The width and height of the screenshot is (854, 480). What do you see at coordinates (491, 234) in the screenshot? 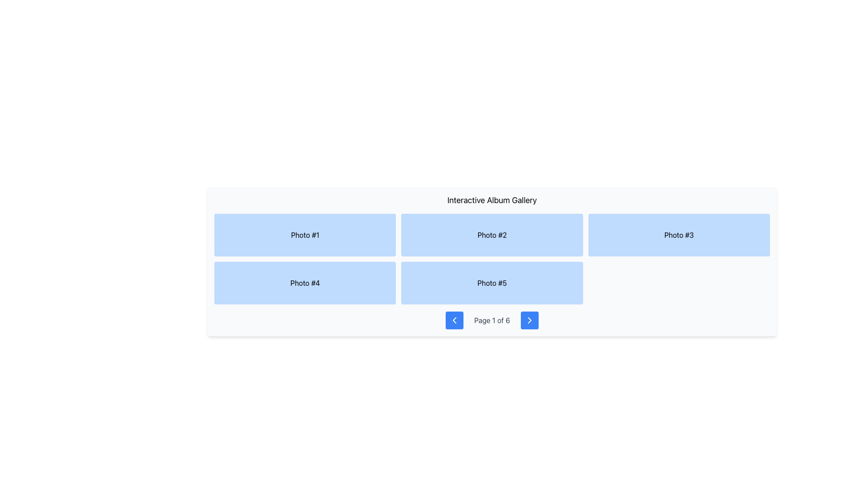
I see `the button labeled 'Photo #2', which is the second block in a grid layout with a soft blue background and rounded corners` at bounding box center [491, 234].